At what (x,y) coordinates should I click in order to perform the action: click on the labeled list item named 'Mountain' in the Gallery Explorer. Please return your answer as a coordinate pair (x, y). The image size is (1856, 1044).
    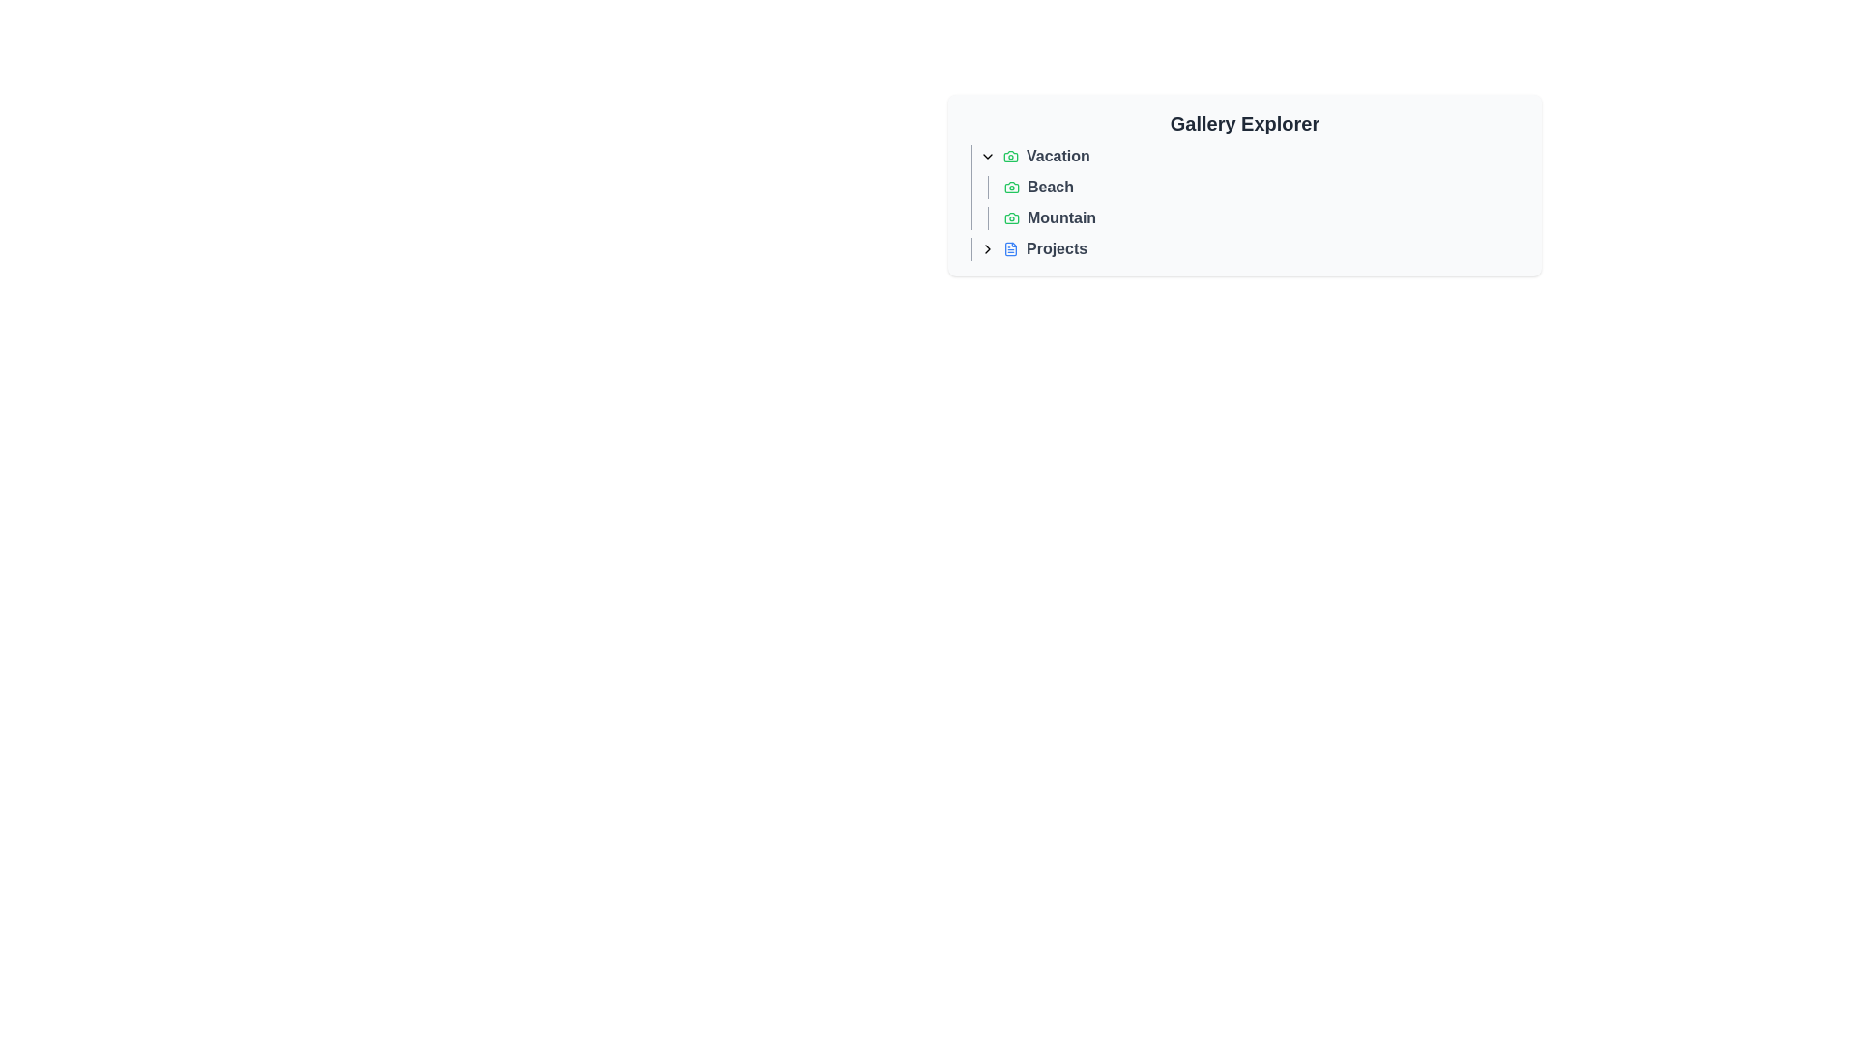
    Looking at the image, I should click on (1261, 217).